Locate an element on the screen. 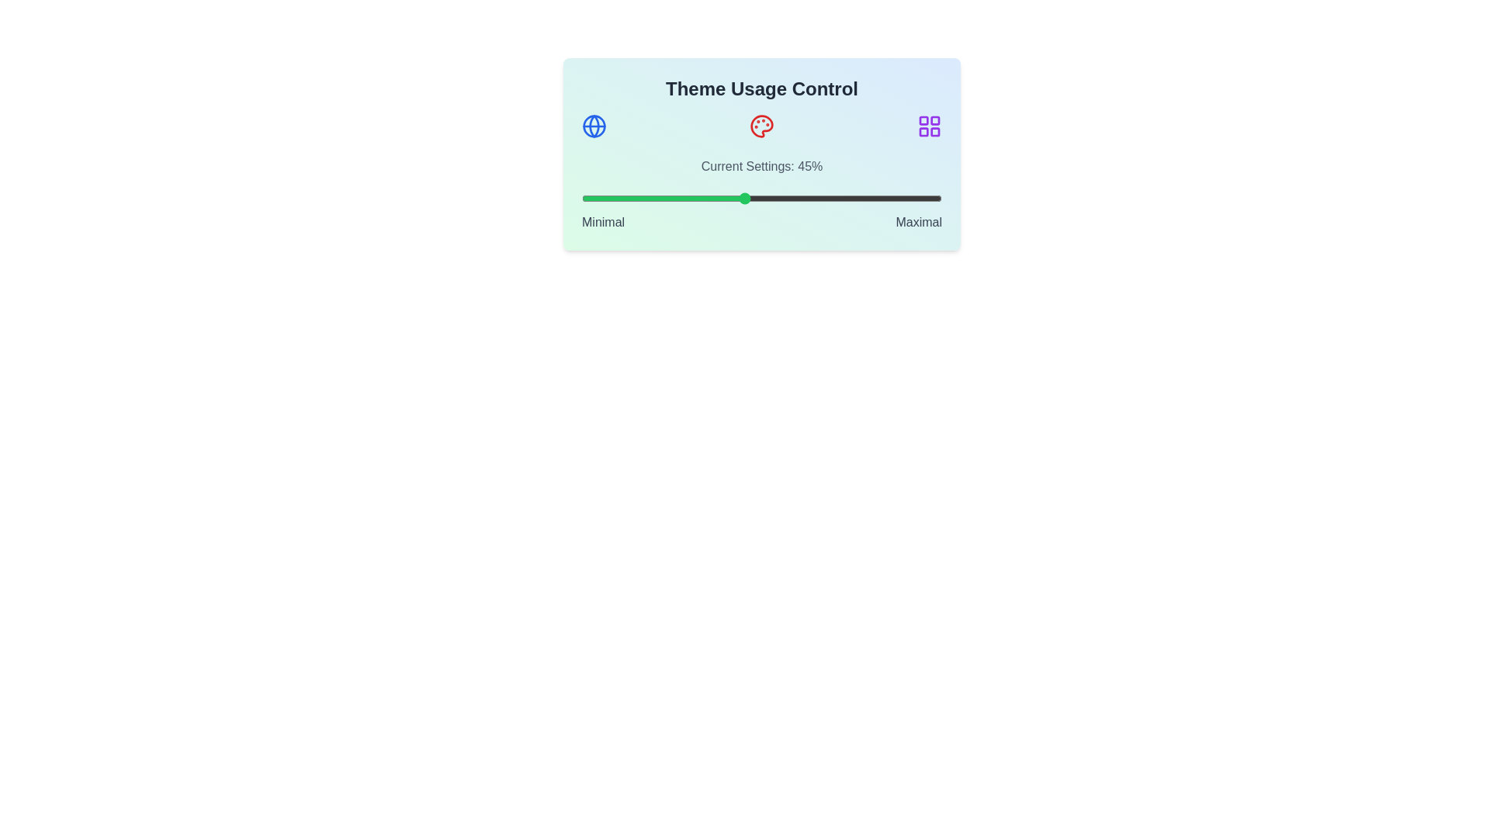 The height and width of the screenshot is (838, 1490). the slider to set the theme usage percentage to 4 is located at coordinates (595, 197).